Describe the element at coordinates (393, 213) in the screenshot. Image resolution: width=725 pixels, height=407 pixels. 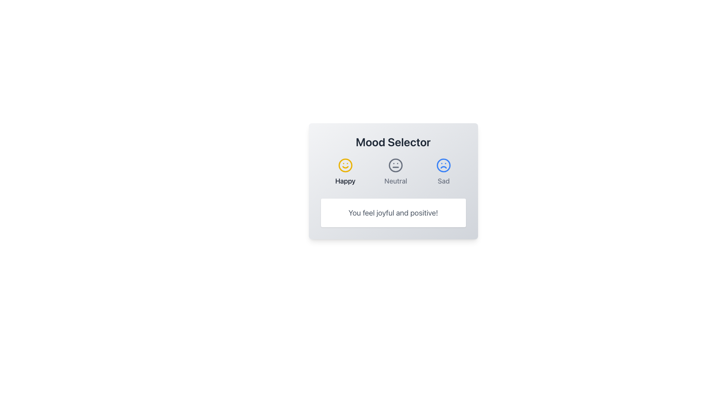
I see `prominent gray text displayed below the mood options that says 'You feel joyful and positive!'` at that location.